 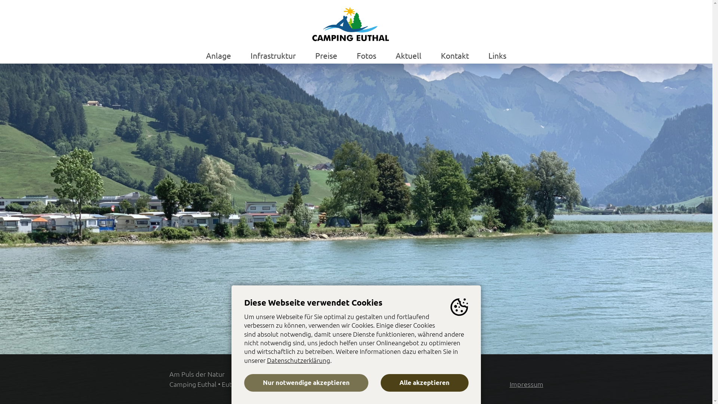 I want to click on 'contact@camping-euthal.ch', so click(x=427, y=384).